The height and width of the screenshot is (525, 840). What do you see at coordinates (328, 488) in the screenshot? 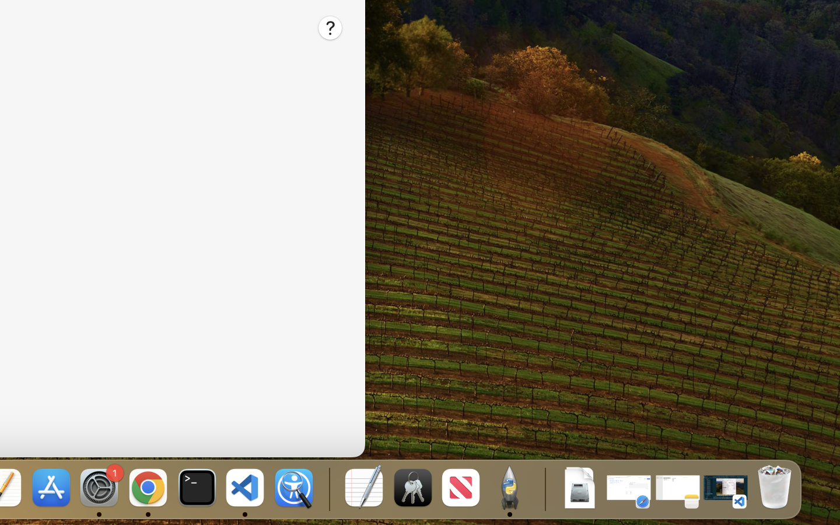
I see `'0.4285714328289032'` at bounding box center [328, 488].